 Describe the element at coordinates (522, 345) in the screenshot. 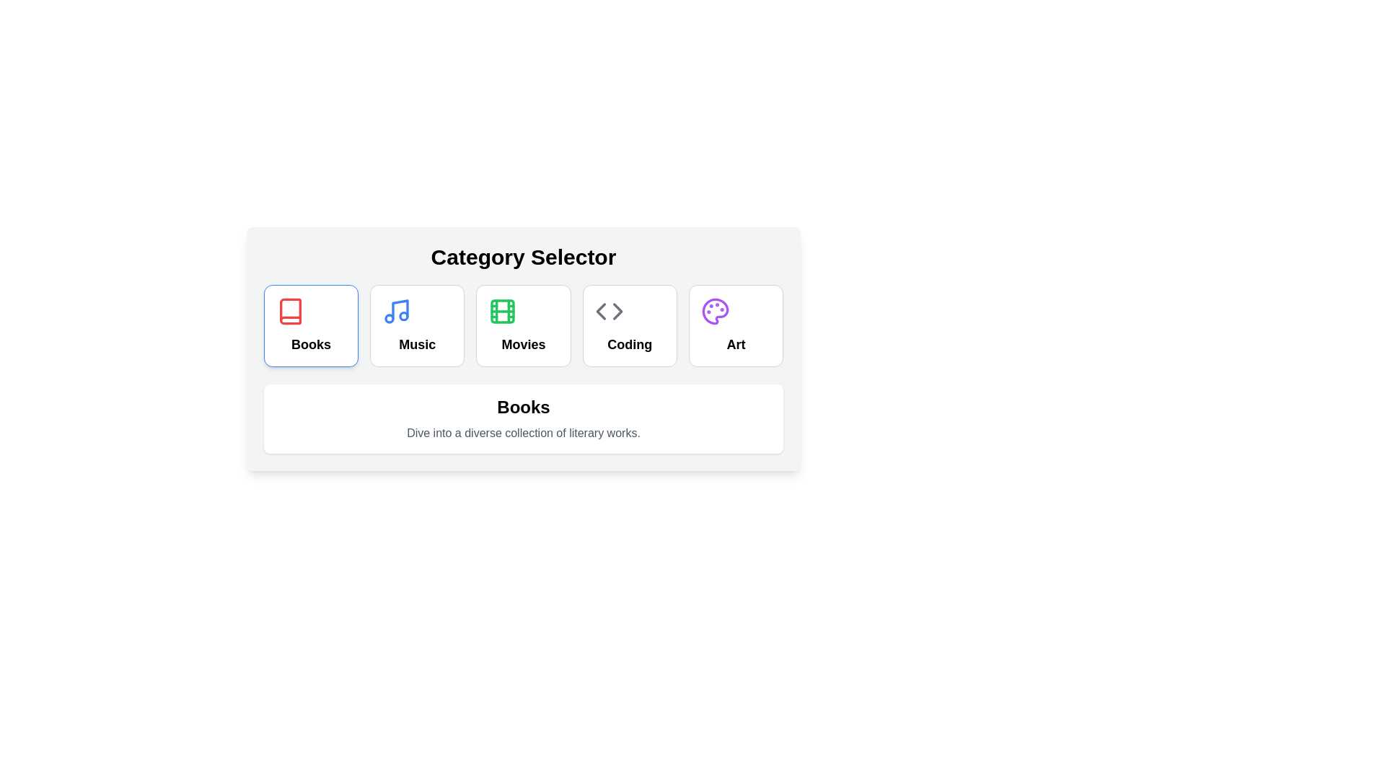

I see `the 'Movies' category by clicking on the bold 'Movies' text label, which is styled prominently and associated with a filmstrip icon` at that location.